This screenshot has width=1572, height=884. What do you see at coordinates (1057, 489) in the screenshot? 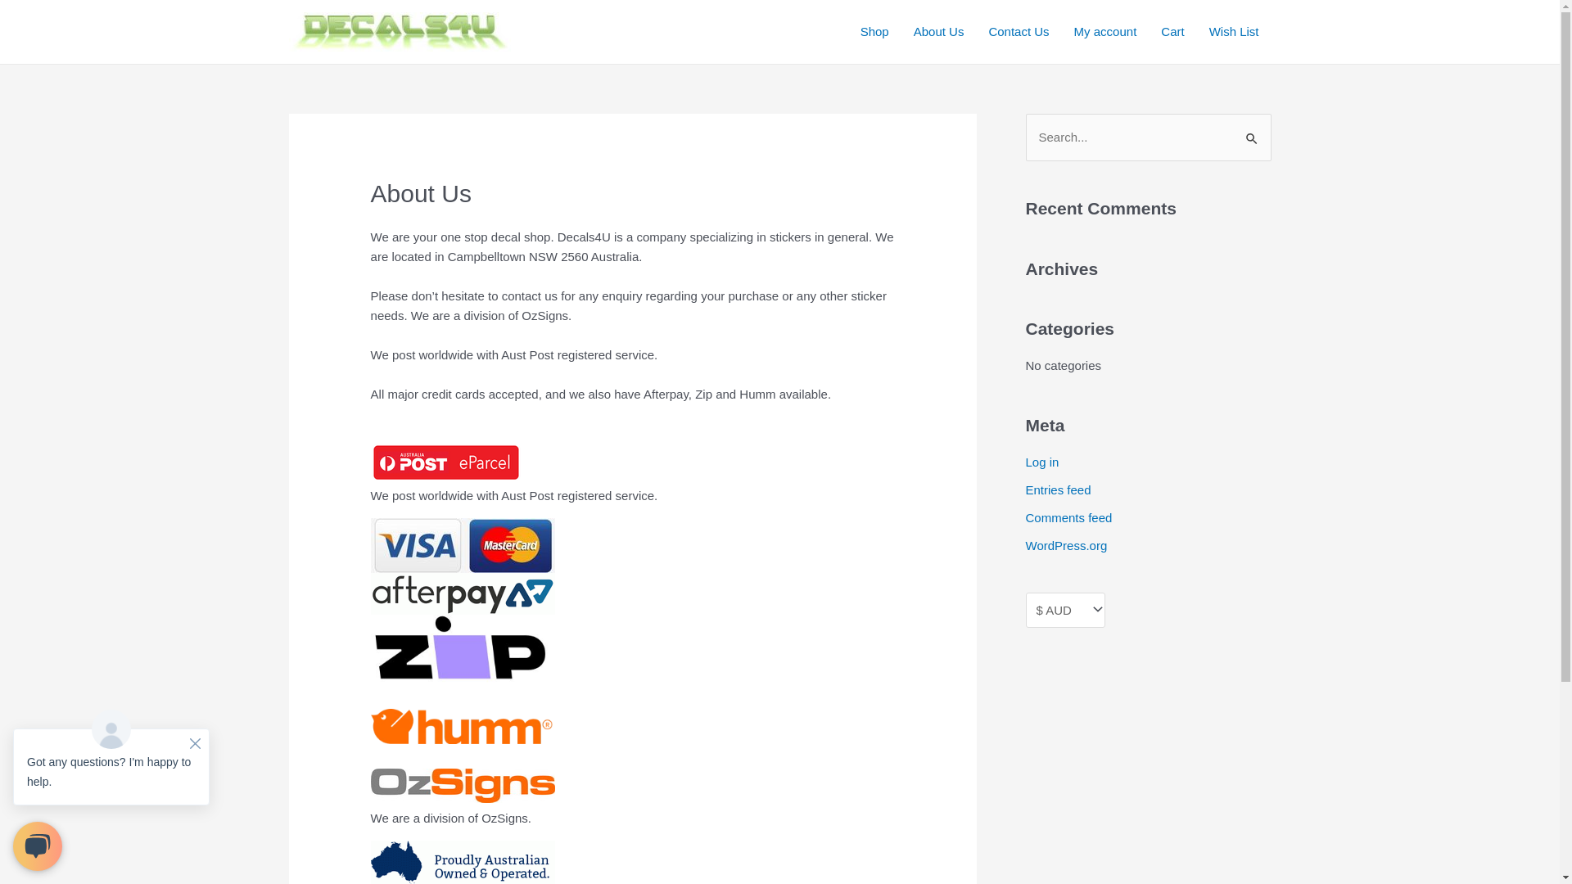
I see `'Entries feed'` at bounding box center [1057, 489].